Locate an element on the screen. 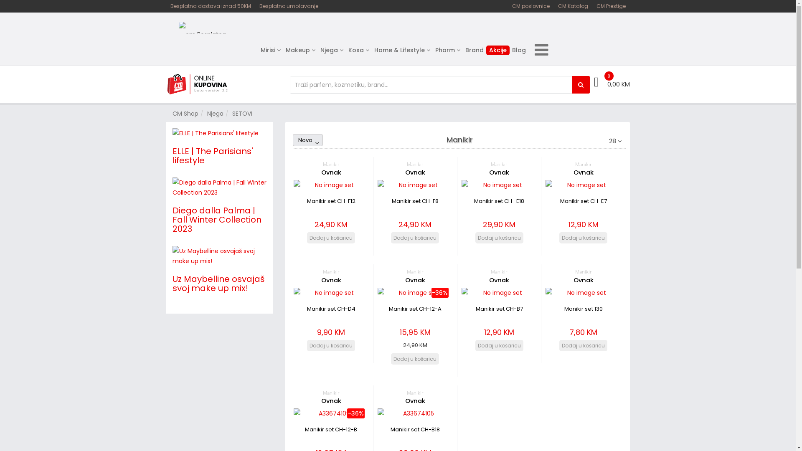 Image resolution: width=802 pixels, height=451 pixels. 'Manikir set CH-12-B' is located at coordinates (330, 429).